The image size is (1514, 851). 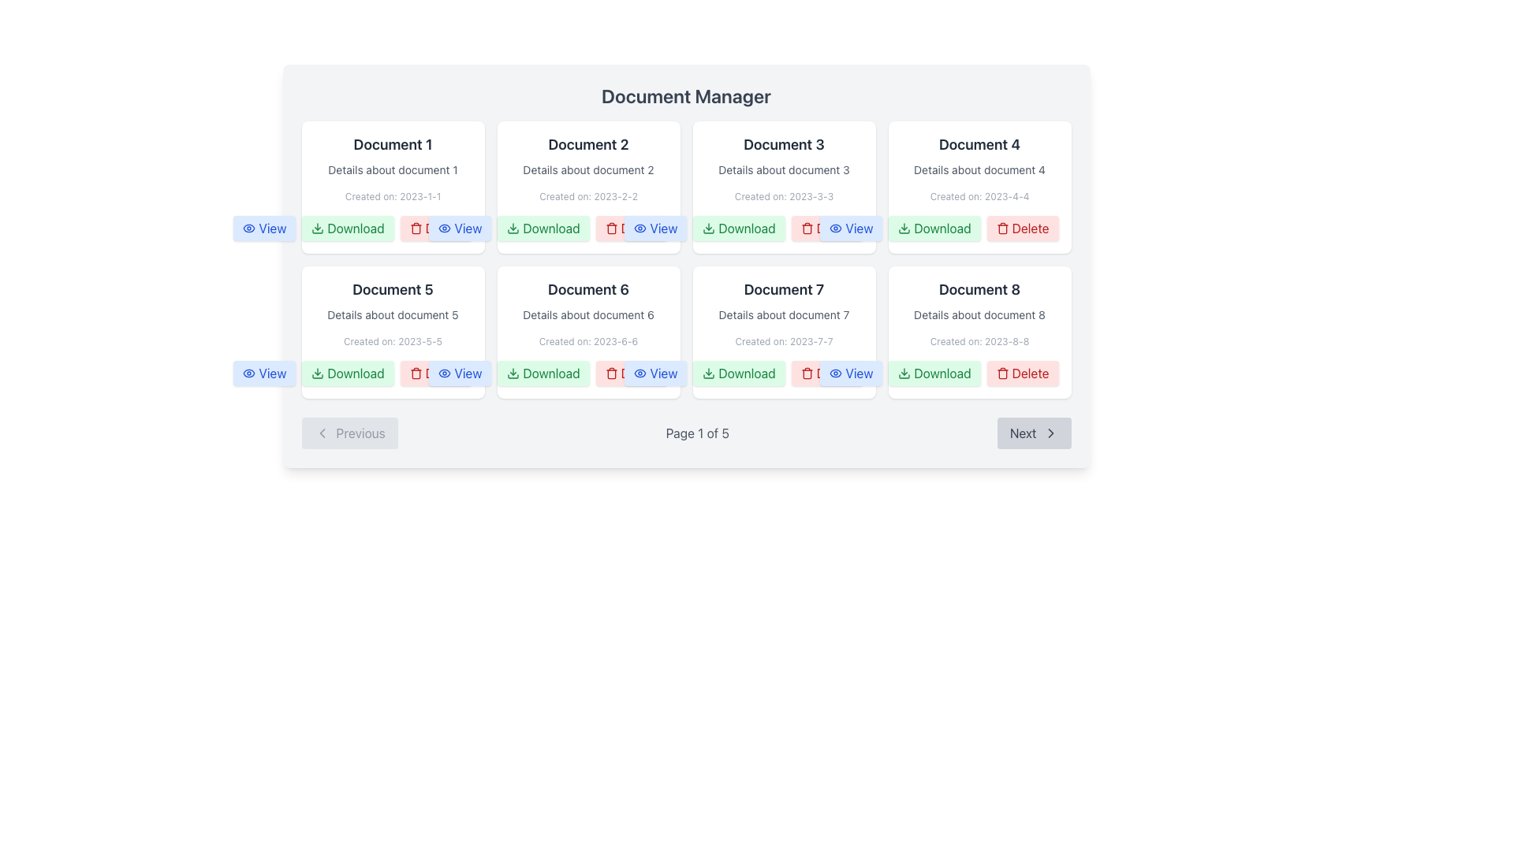 I want to click on the download icon located within the button in the second row, third column under 'Document Manager', positioned to the left of the 'Download' label, so click(x=708, y=228).